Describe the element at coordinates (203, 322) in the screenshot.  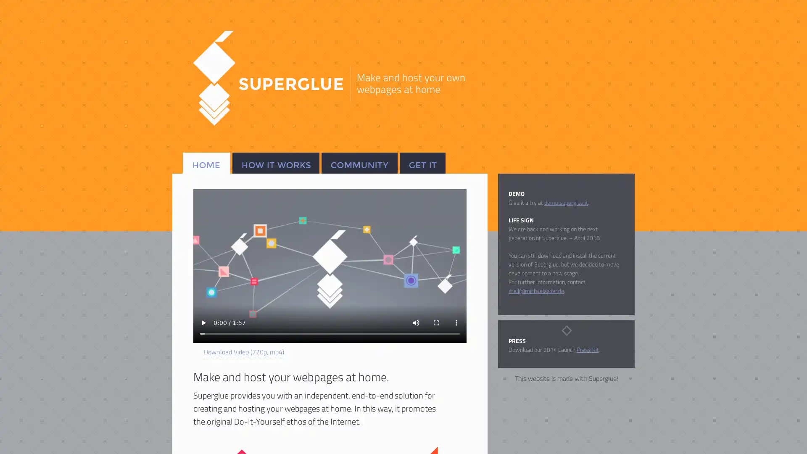
I see `play` at that location.